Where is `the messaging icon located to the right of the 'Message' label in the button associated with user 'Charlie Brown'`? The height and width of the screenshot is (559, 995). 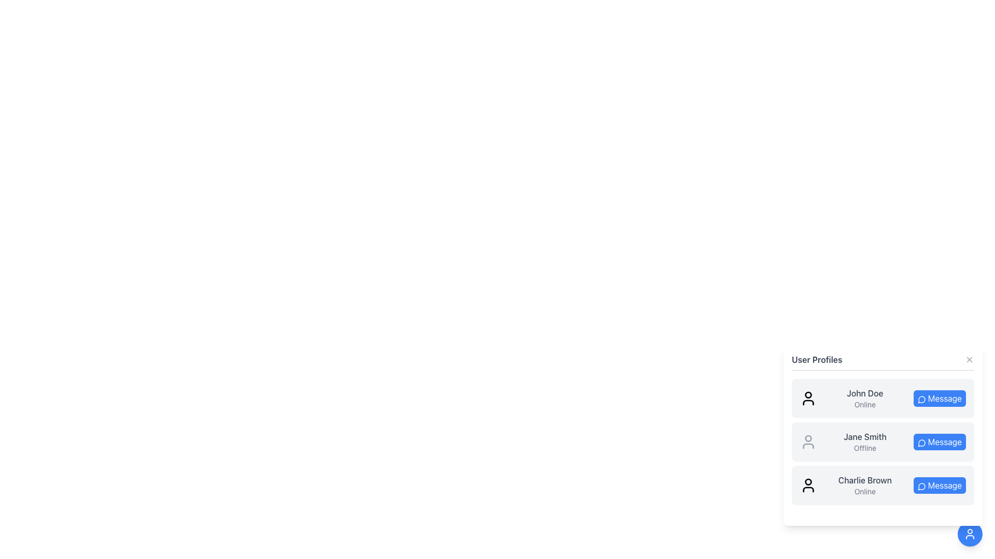
the messaging icon located to the right of the 'Message' label in the button associated with user 'Charlie Brown' is located at coordinates (921, 486).